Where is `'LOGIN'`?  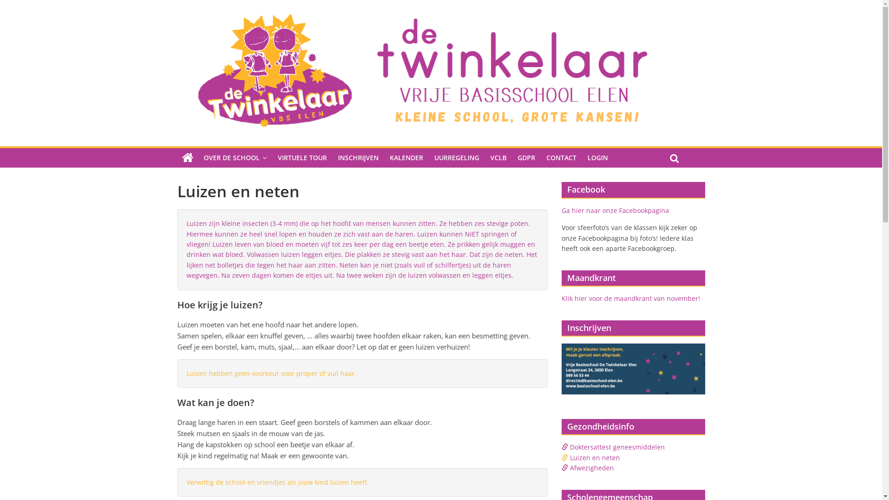
'LOGIN' is located at coordinates (597, 157).